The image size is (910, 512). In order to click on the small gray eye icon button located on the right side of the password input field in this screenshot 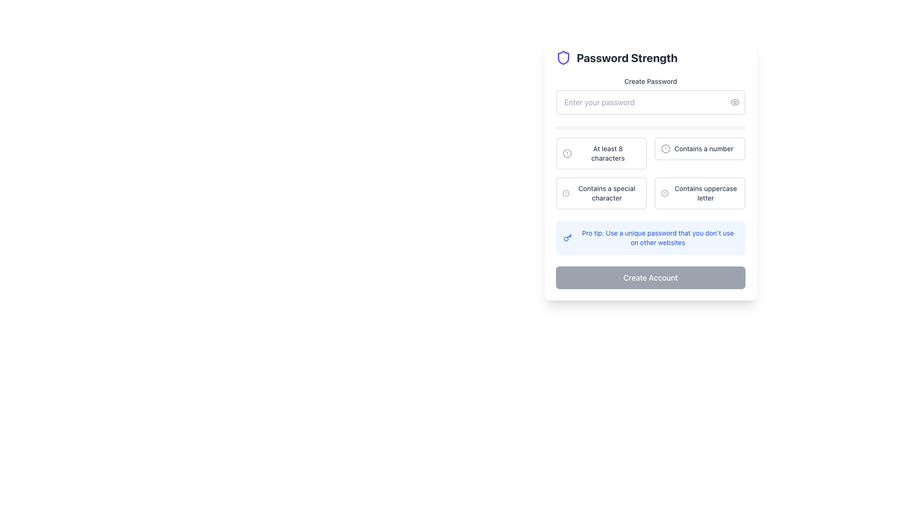, I will do `click(734, 102)`.